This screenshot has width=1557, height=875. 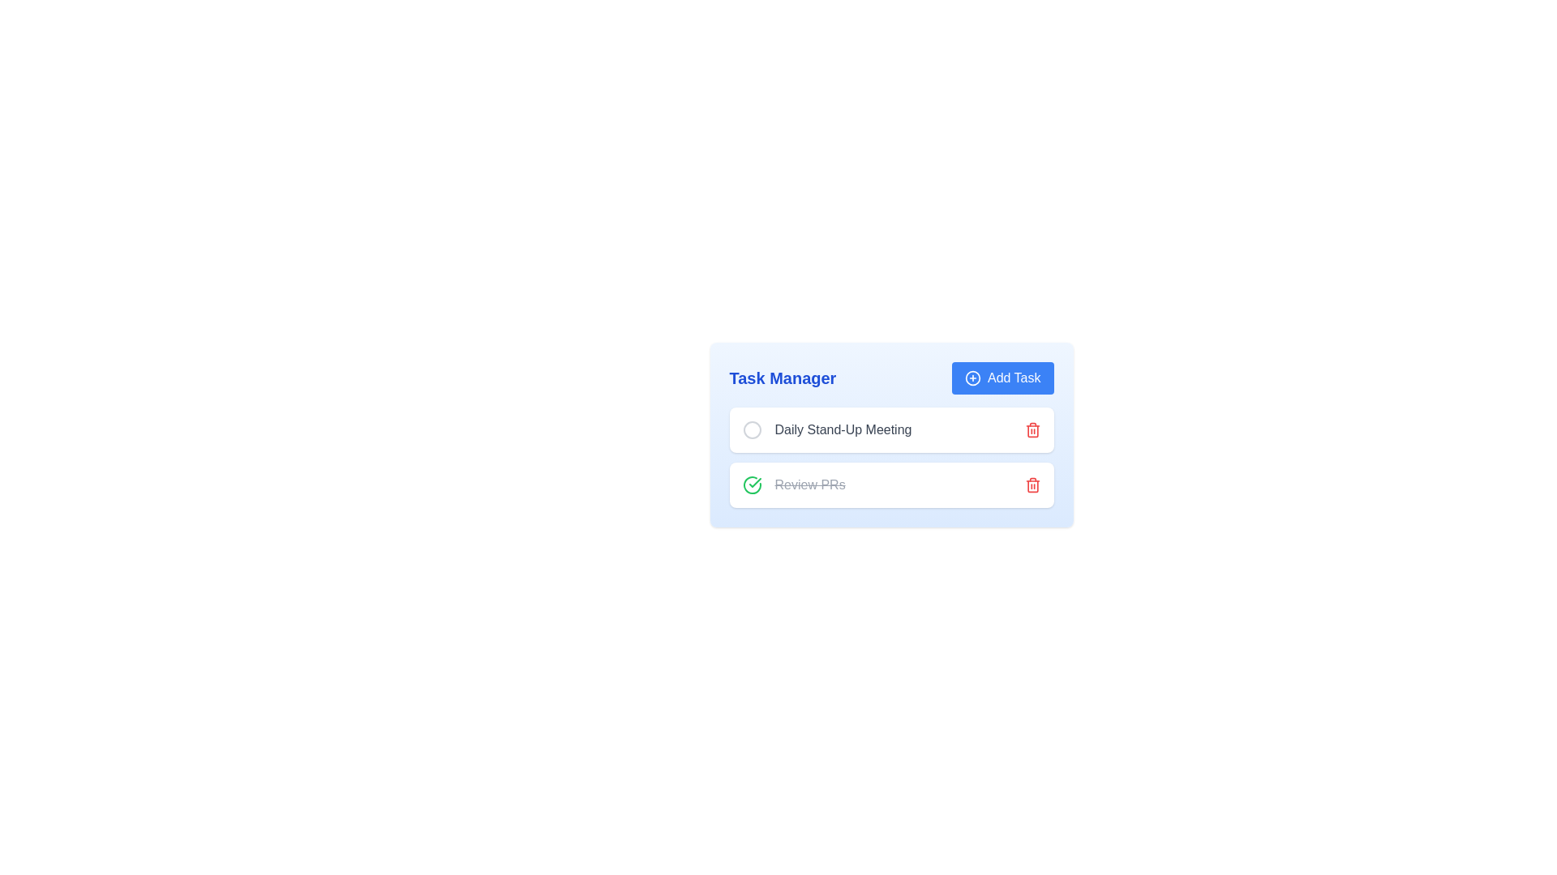 What do you see at coordinates (1032, 485) in the screenshot?
I see `the vertical line boundary of the trash icon, which is positioned immediately to the right of the 'Review PRs' text in the task row` at bounding box center [1032, 485].